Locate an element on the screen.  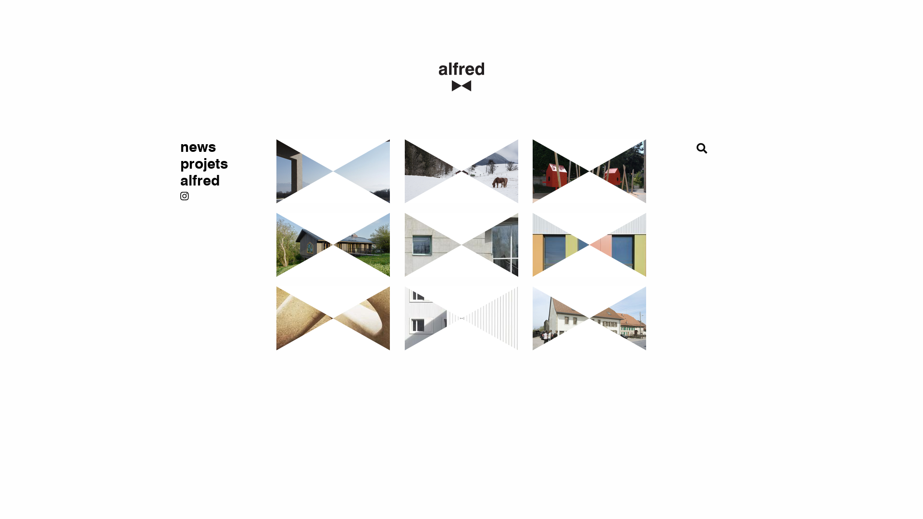
'projets' is located at coordinates (221, 164).